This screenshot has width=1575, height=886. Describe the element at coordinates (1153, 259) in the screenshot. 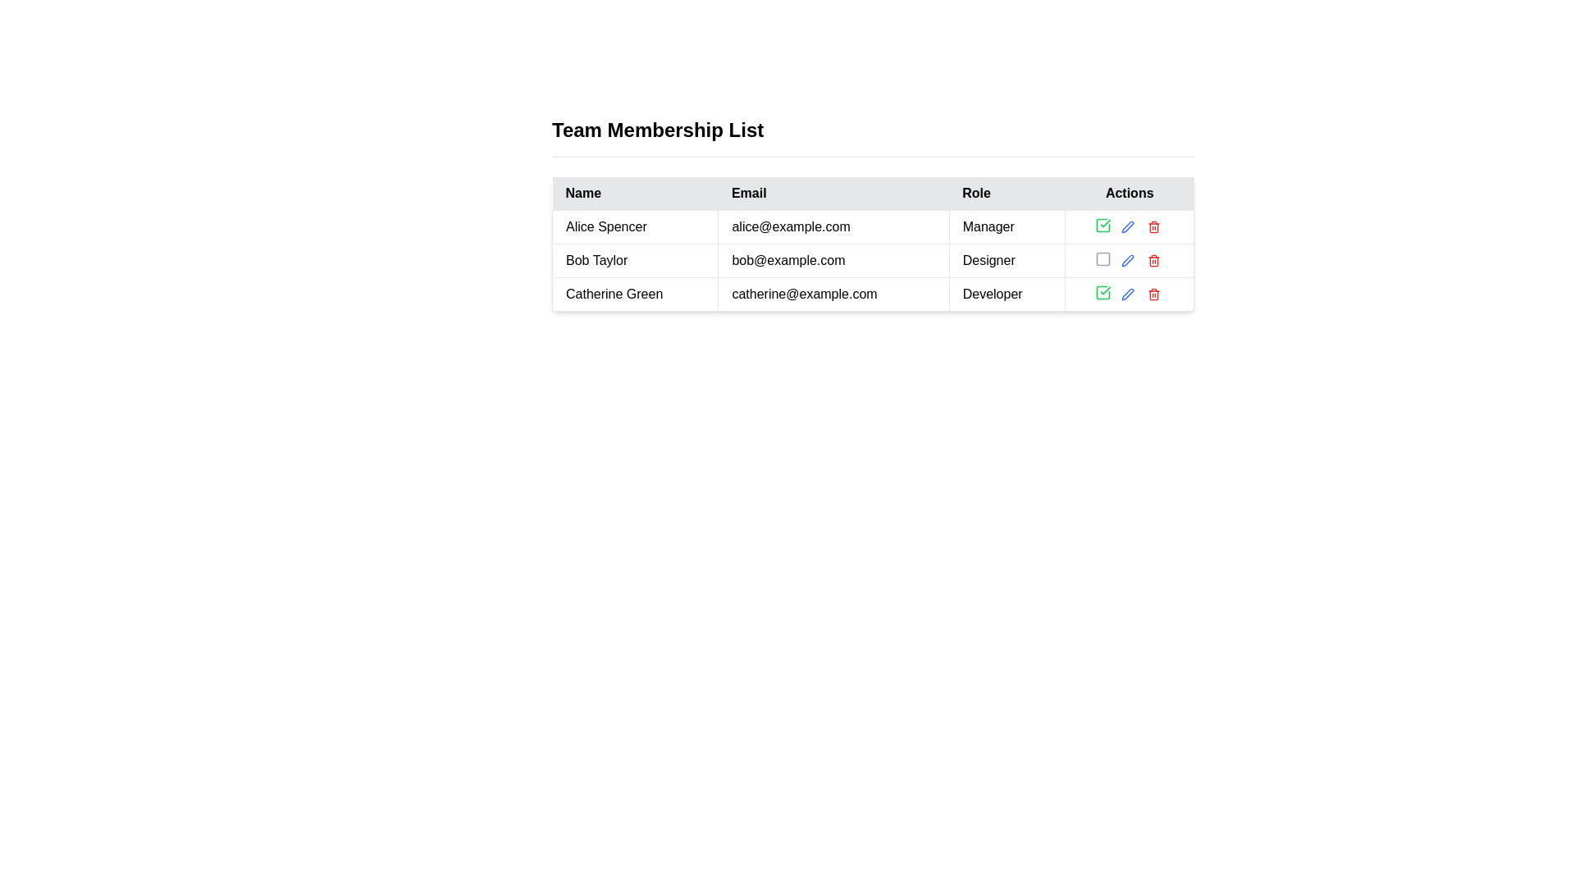

I see `the red trash bin icon in the 'Actions' column of the table row for 'Bob Taylor' to initiate the delete action` at that location.